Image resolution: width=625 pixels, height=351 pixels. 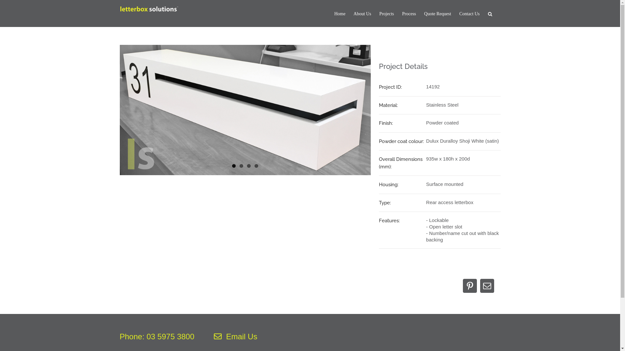 I want to click on '  Email Us', so click(x=235, y=336).